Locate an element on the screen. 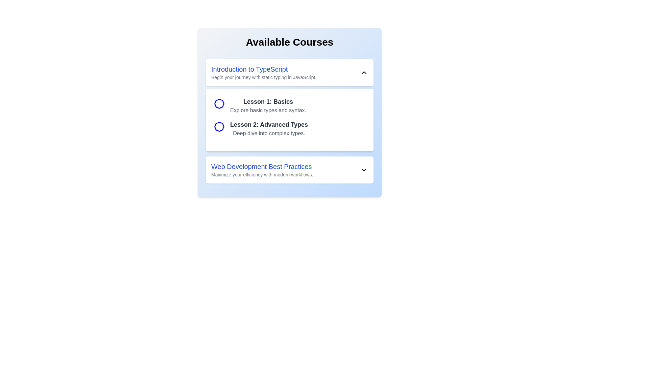 The image size is (649, 365). the icon representing 'Lesson 1: Basics' located in the middle card of the 'Available Courses' panel, positioned to the left of the lesson title text is located at coordinates (219, 104).